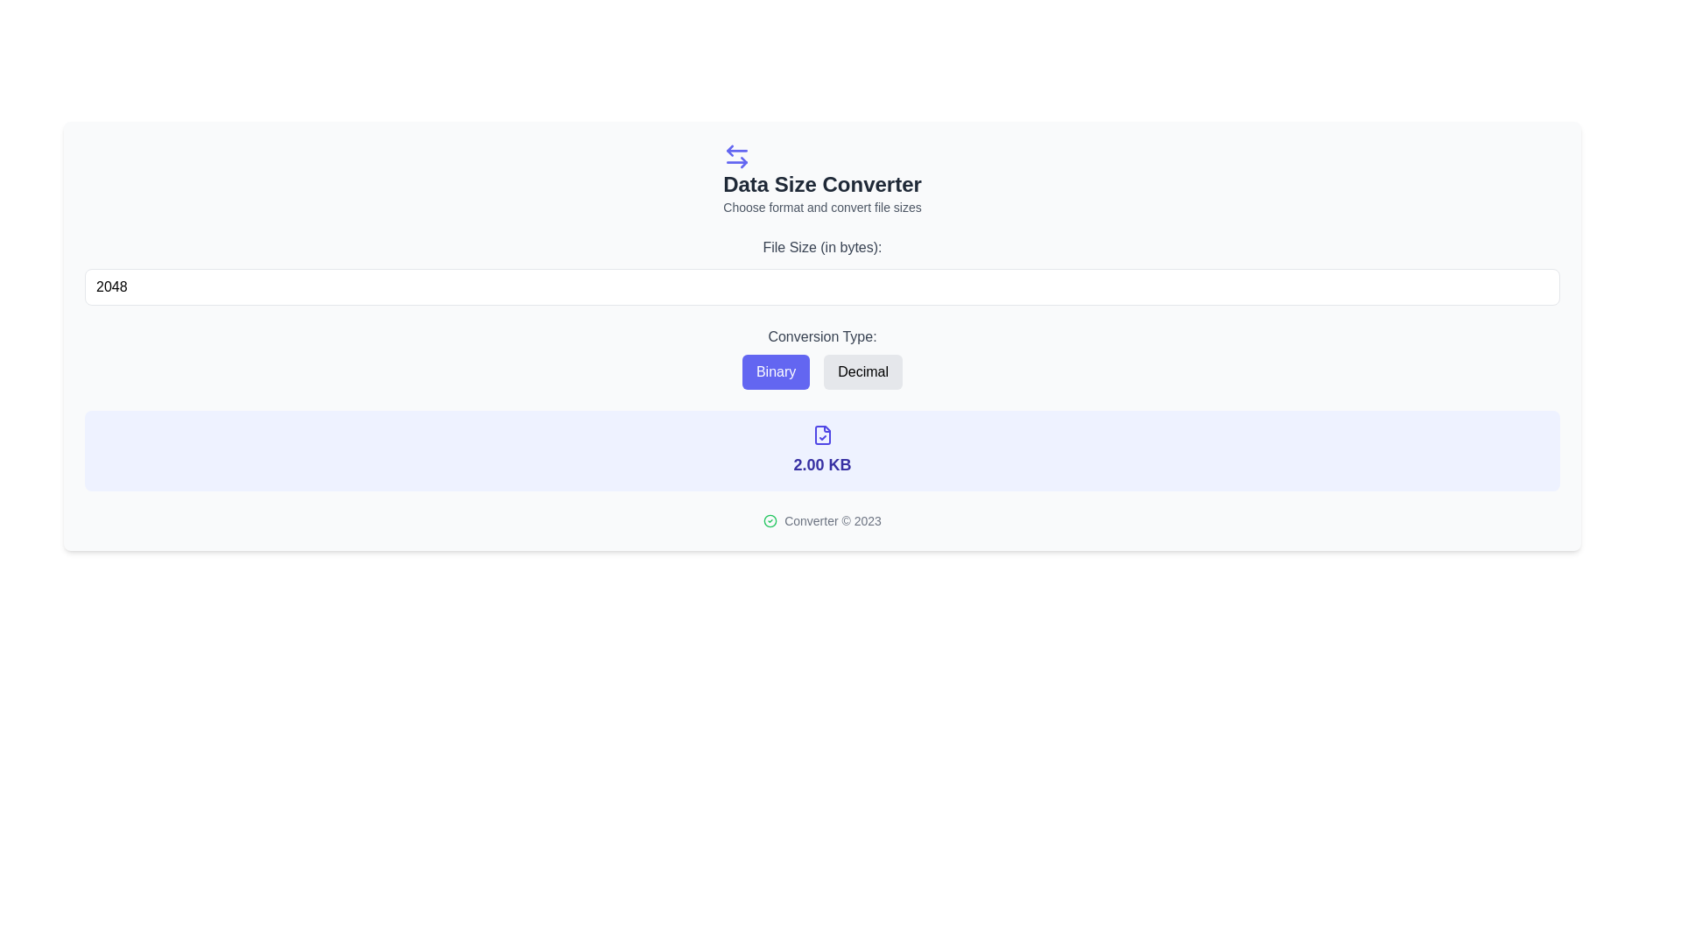 The height and width of the screenshot is (946, 1681). What do you see at coordinates (832, 519) in the screenshot?
I see `the footer text label indicating the name and copyright information for the application 'Converter', located in the bottom center area of the interface` at bounding box center [832, 519].